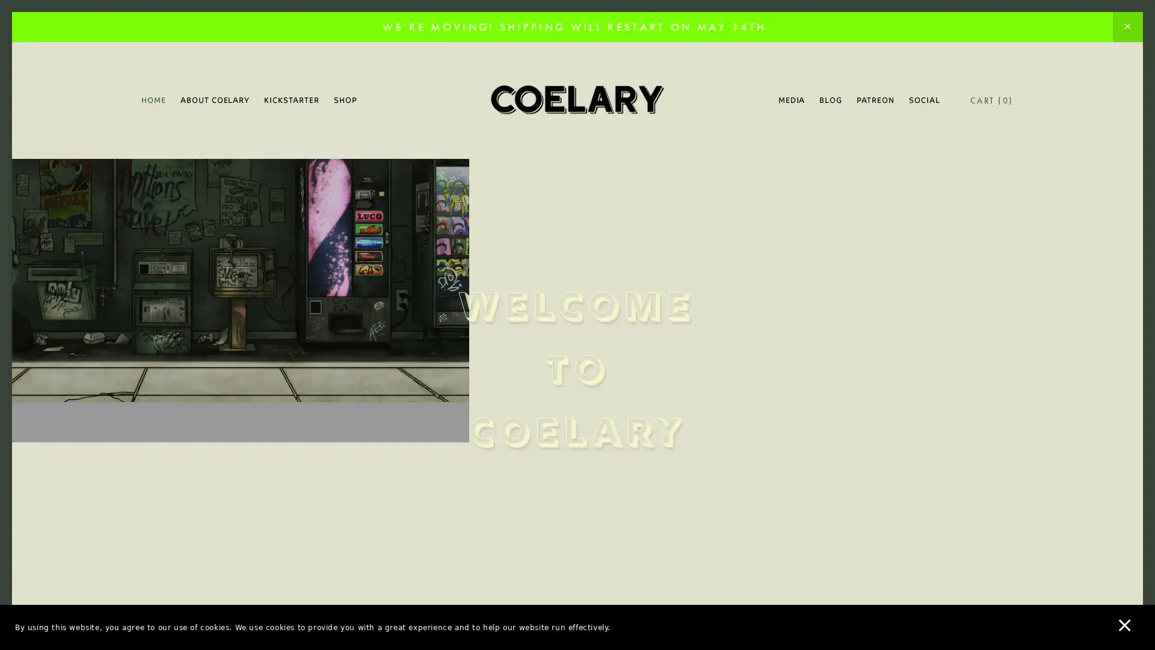 The height and width of the screenshot is (650, 1155). What do you see at coordinates (690, 418) in the screenshot?
I see `Subscribe` at bounding box center [690, 418].